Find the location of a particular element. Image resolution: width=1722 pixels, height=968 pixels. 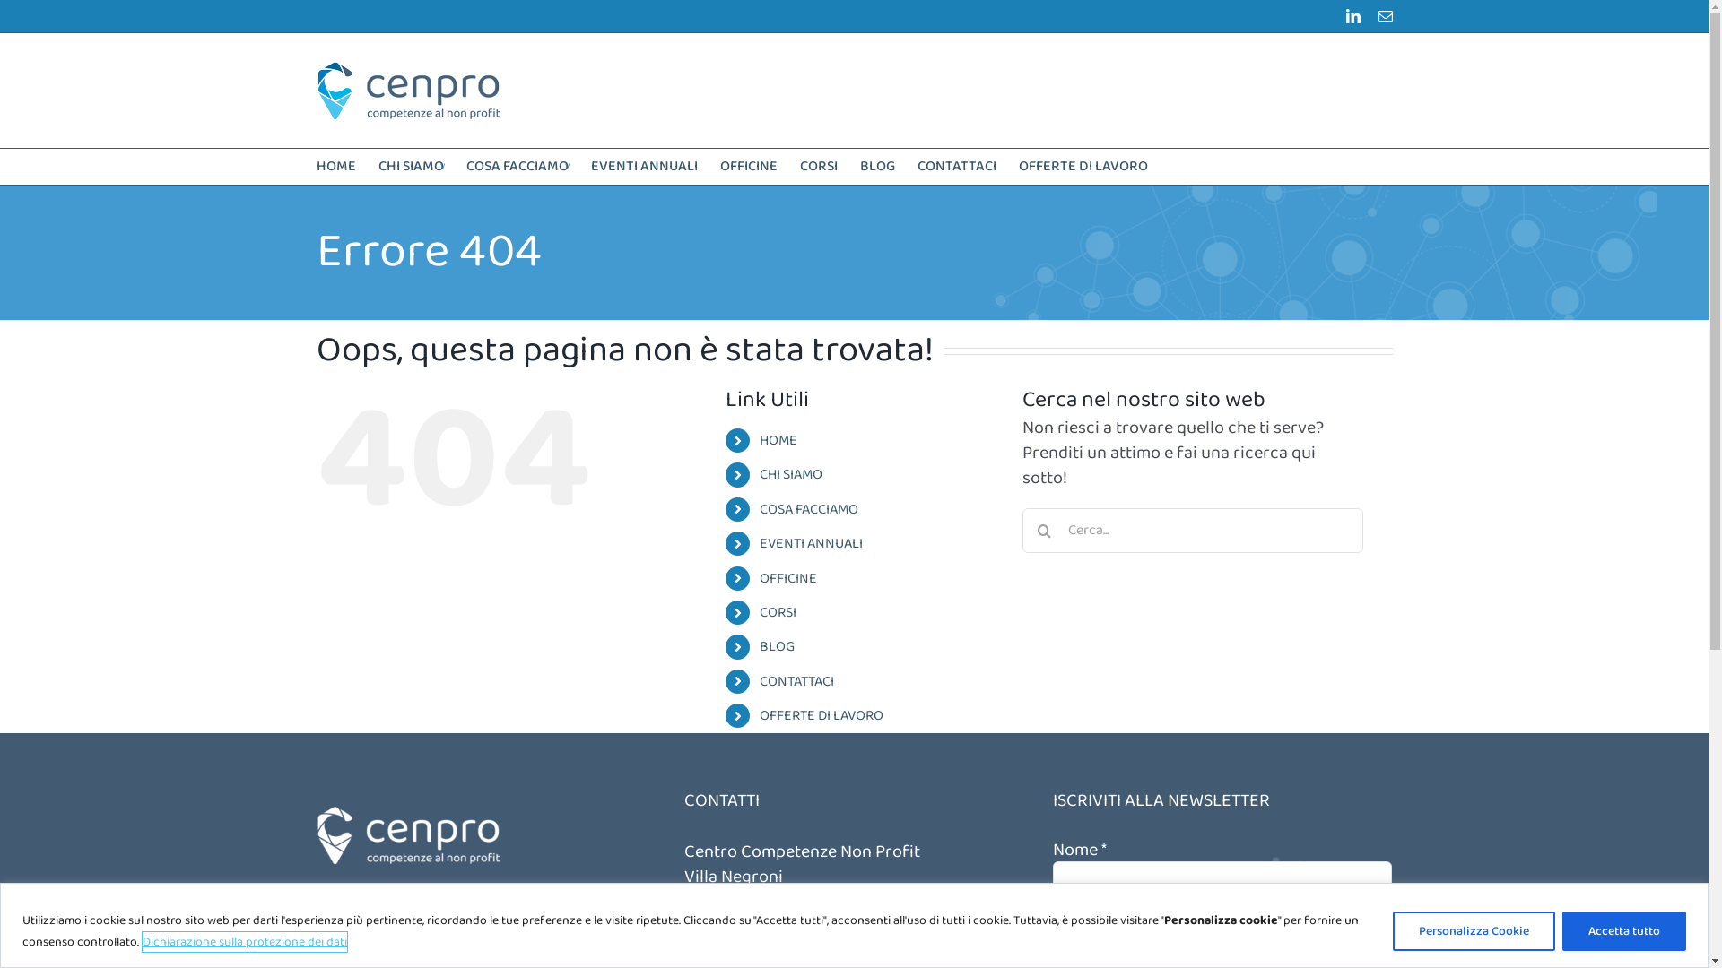

'Email' is located at coordinates (1377, 16).